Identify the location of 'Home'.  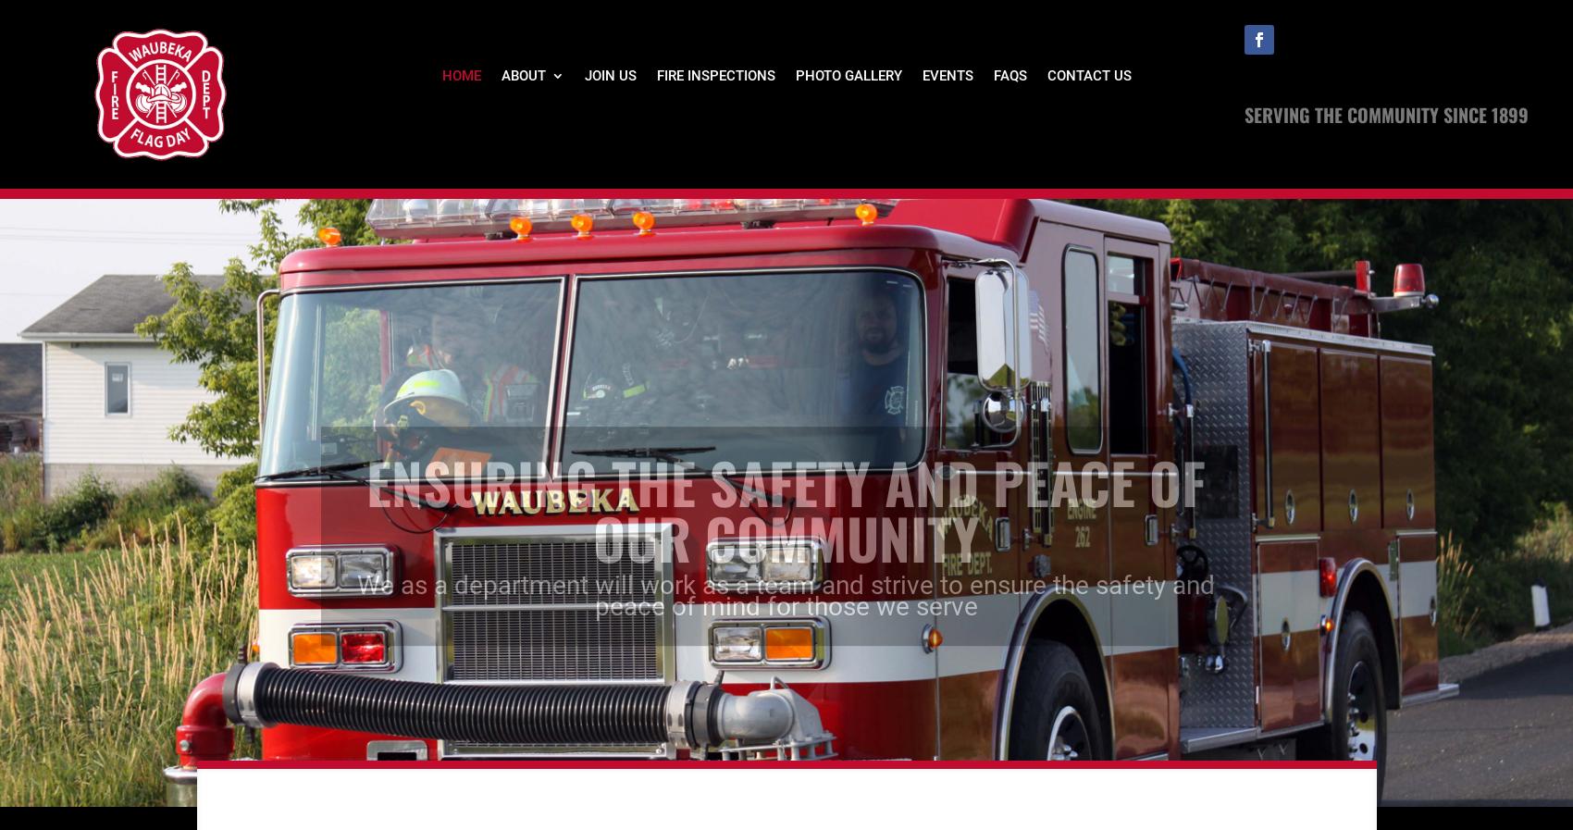
(441, 74).